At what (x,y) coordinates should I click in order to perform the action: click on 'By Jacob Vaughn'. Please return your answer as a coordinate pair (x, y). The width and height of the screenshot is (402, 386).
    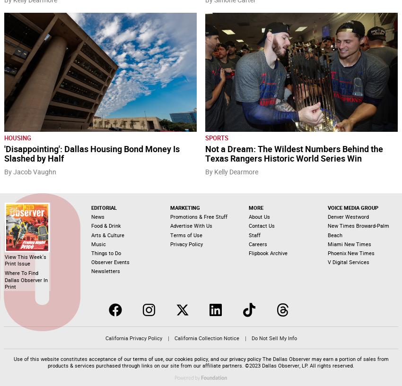
    Looking at the image, I should click on (30, 171).